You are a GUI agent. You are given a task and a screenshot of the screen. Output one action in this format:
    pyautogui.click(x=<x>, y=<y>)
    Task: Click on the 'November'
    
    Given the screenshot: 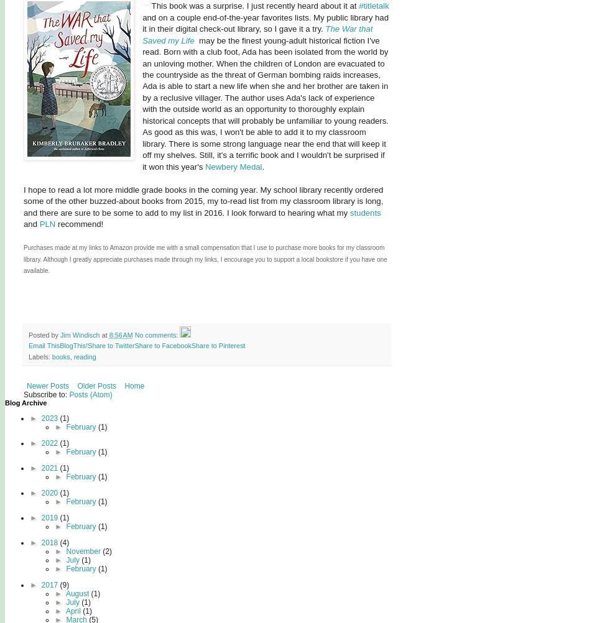 What is the action you would take?
    pyautogui.click(x=83, y=550)
    